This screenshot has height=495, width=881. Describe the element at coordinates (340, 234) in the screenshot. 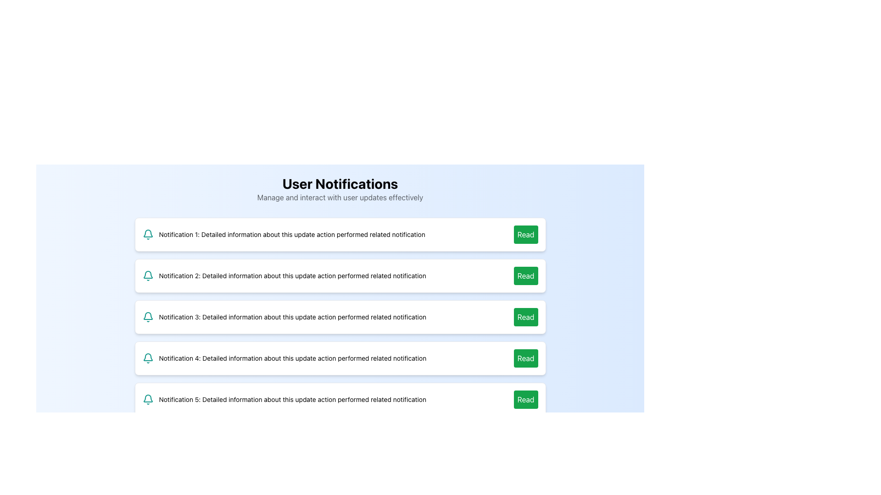

I see `the text of the first notification item` at that location.